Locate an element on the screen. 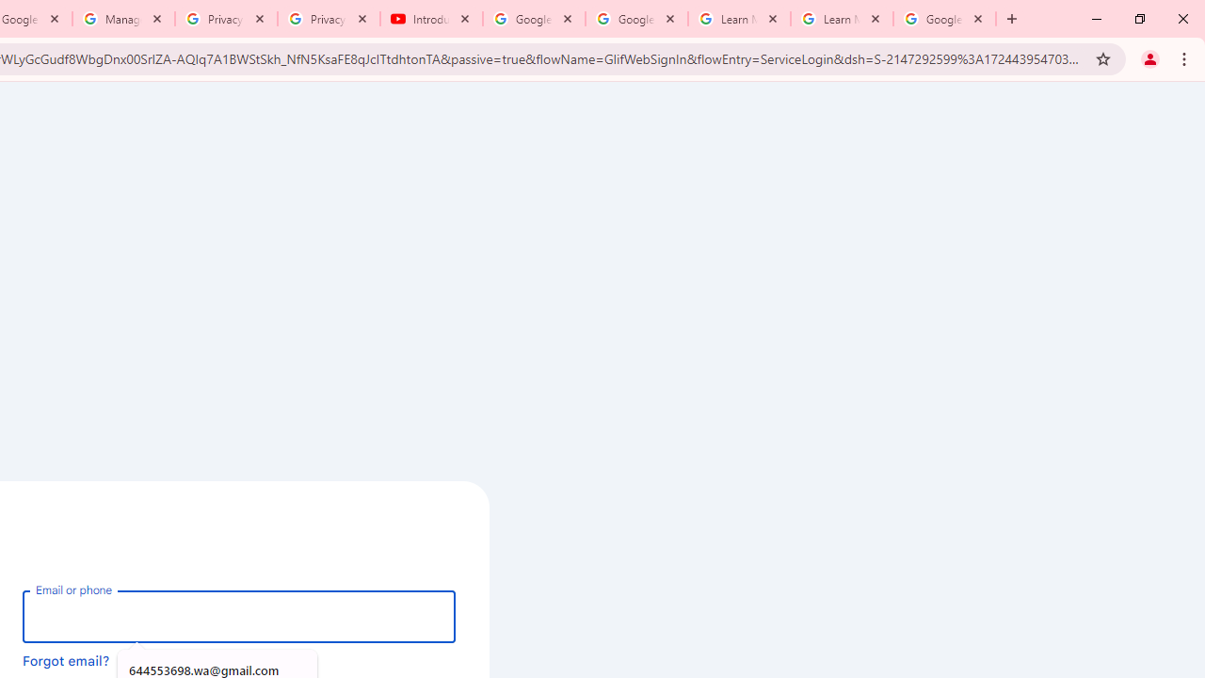 This screenshot has width=1205, height=678. 'Google Account' is located at coordinates (944, 19).